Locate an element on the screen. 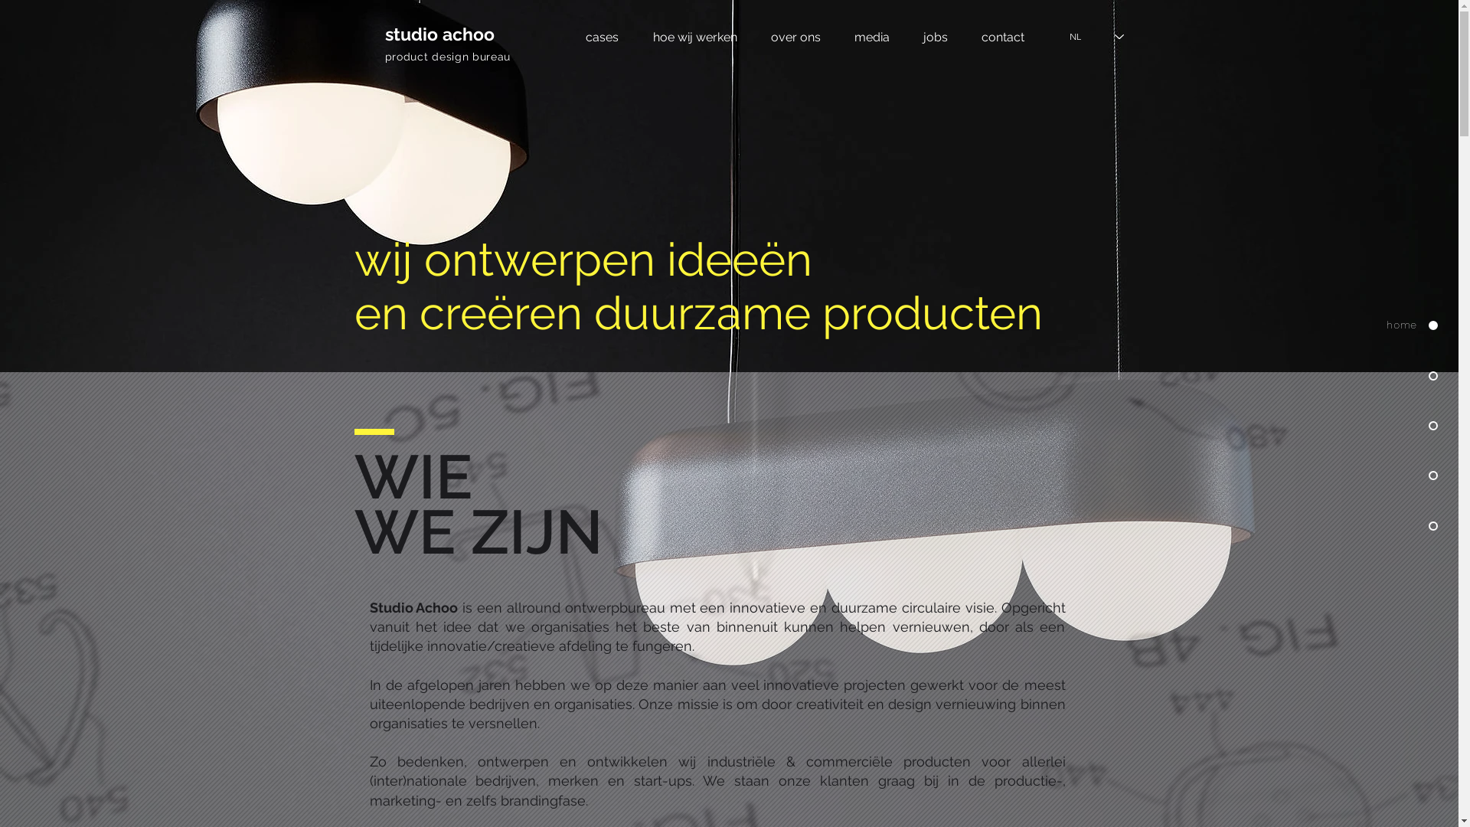  'cases' is located at coordinates (601, 36).